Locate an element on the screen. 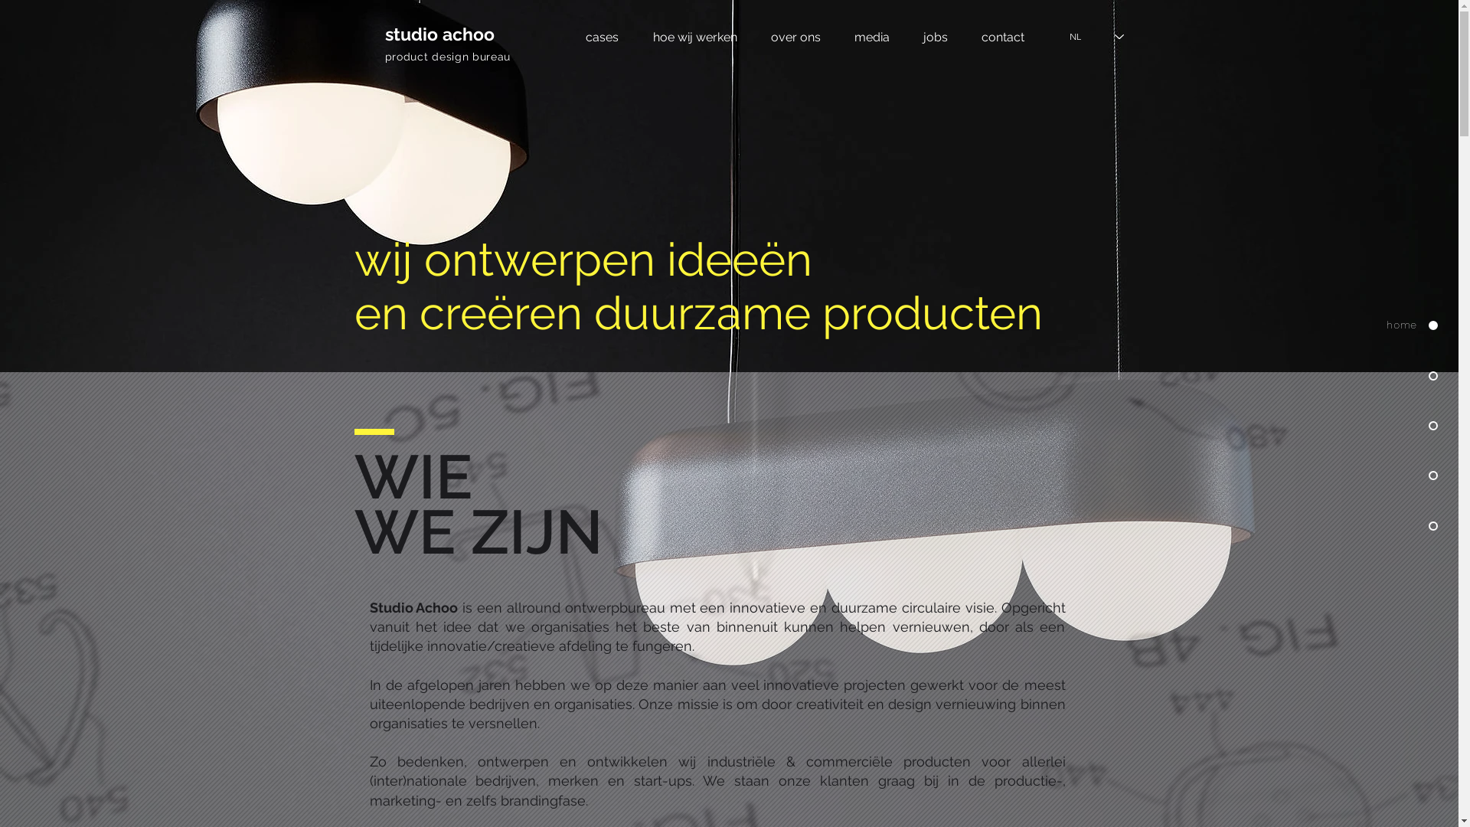  'cases' is located at coordinates (601, 36).